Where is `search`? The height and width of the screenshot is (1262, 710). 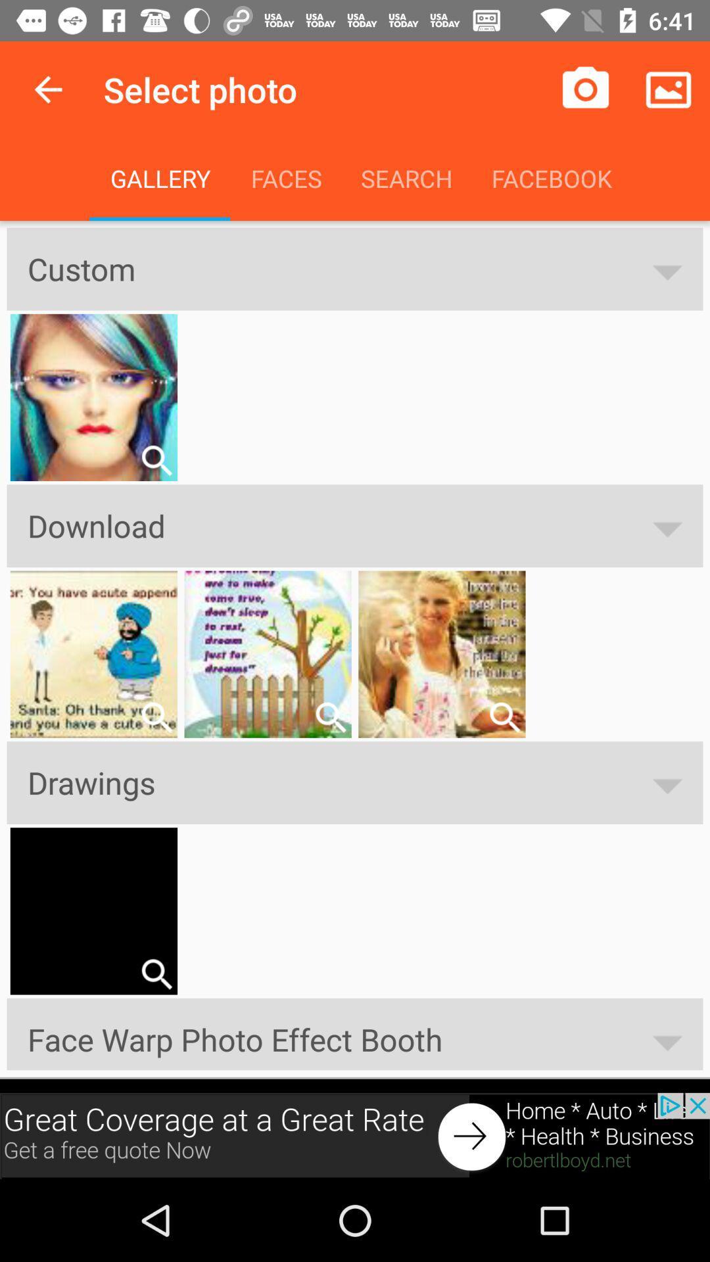
search is located at coordinates (156, 460).